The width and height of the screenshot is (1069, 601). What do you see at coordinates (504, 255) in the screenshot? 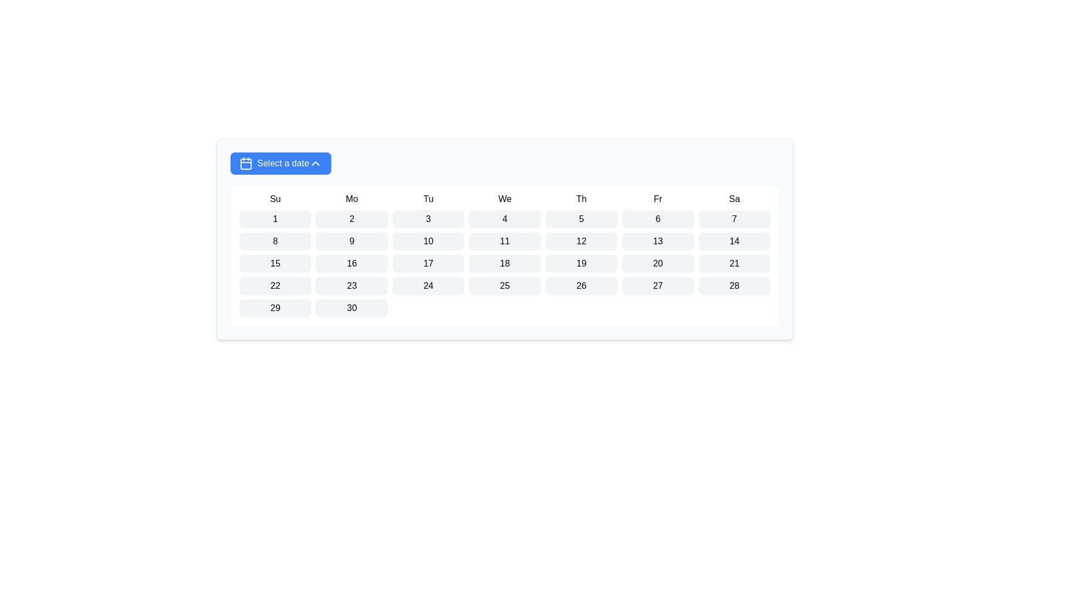
I see `the Calendar grid element which visually represents dates in a month format, located in the center of the interface` at bounding box center [504, 255].